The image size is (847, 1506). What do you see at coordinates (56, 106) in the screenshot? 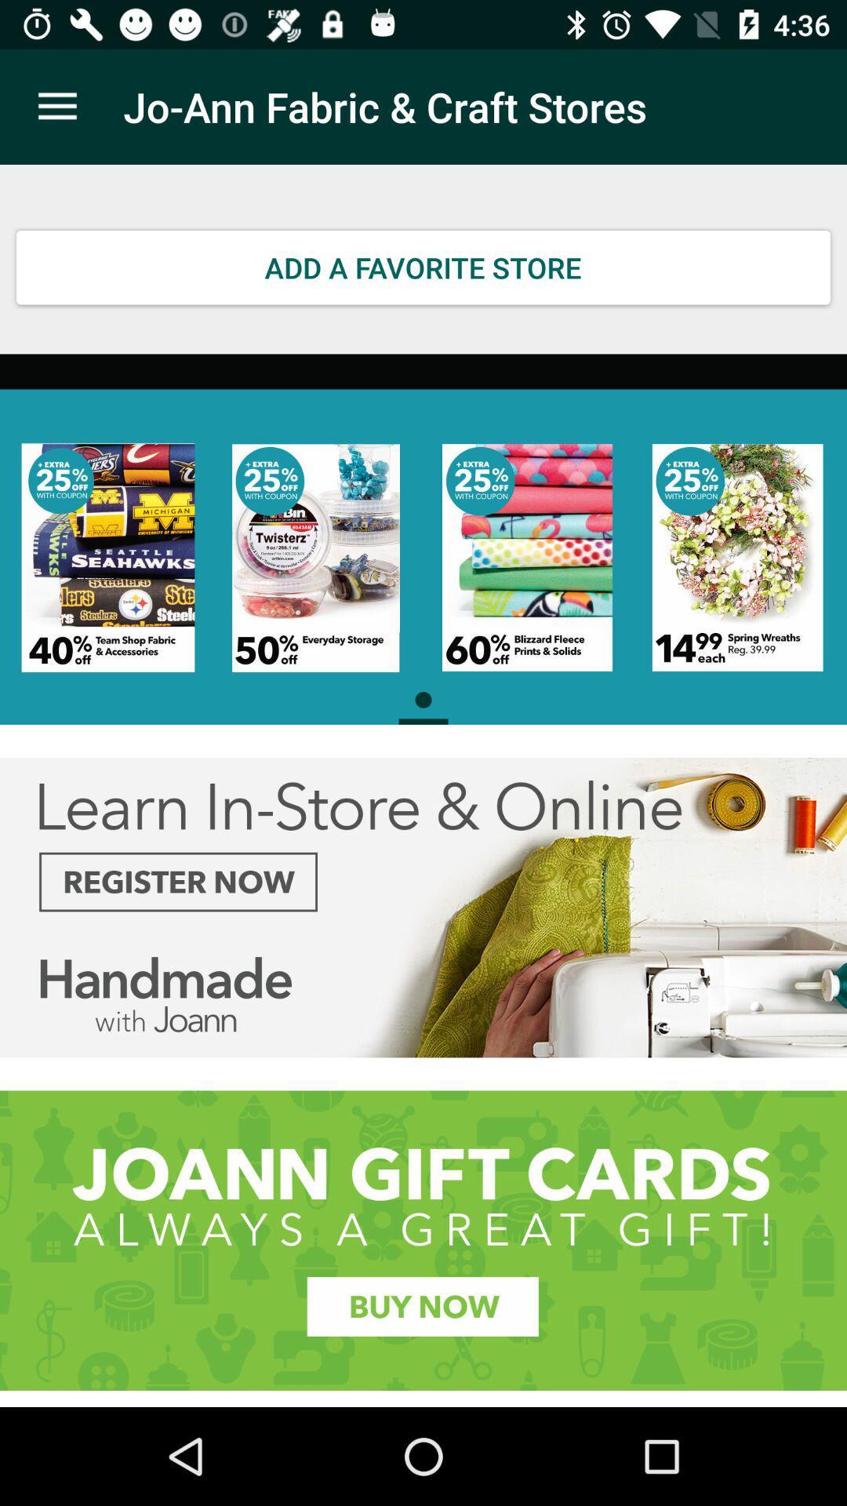
I see `the icon next to jo ann fabric` at bounding box center [56, 106].